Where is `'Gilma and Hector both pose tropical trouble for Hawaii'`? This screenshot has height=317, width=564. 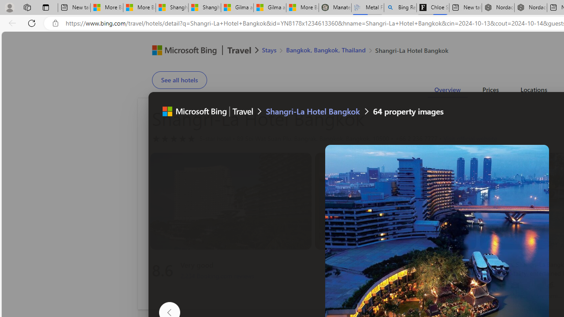 'Gilma and Hector both pose tropical trouble for Hawaii' is located at coordinates (269, 7).